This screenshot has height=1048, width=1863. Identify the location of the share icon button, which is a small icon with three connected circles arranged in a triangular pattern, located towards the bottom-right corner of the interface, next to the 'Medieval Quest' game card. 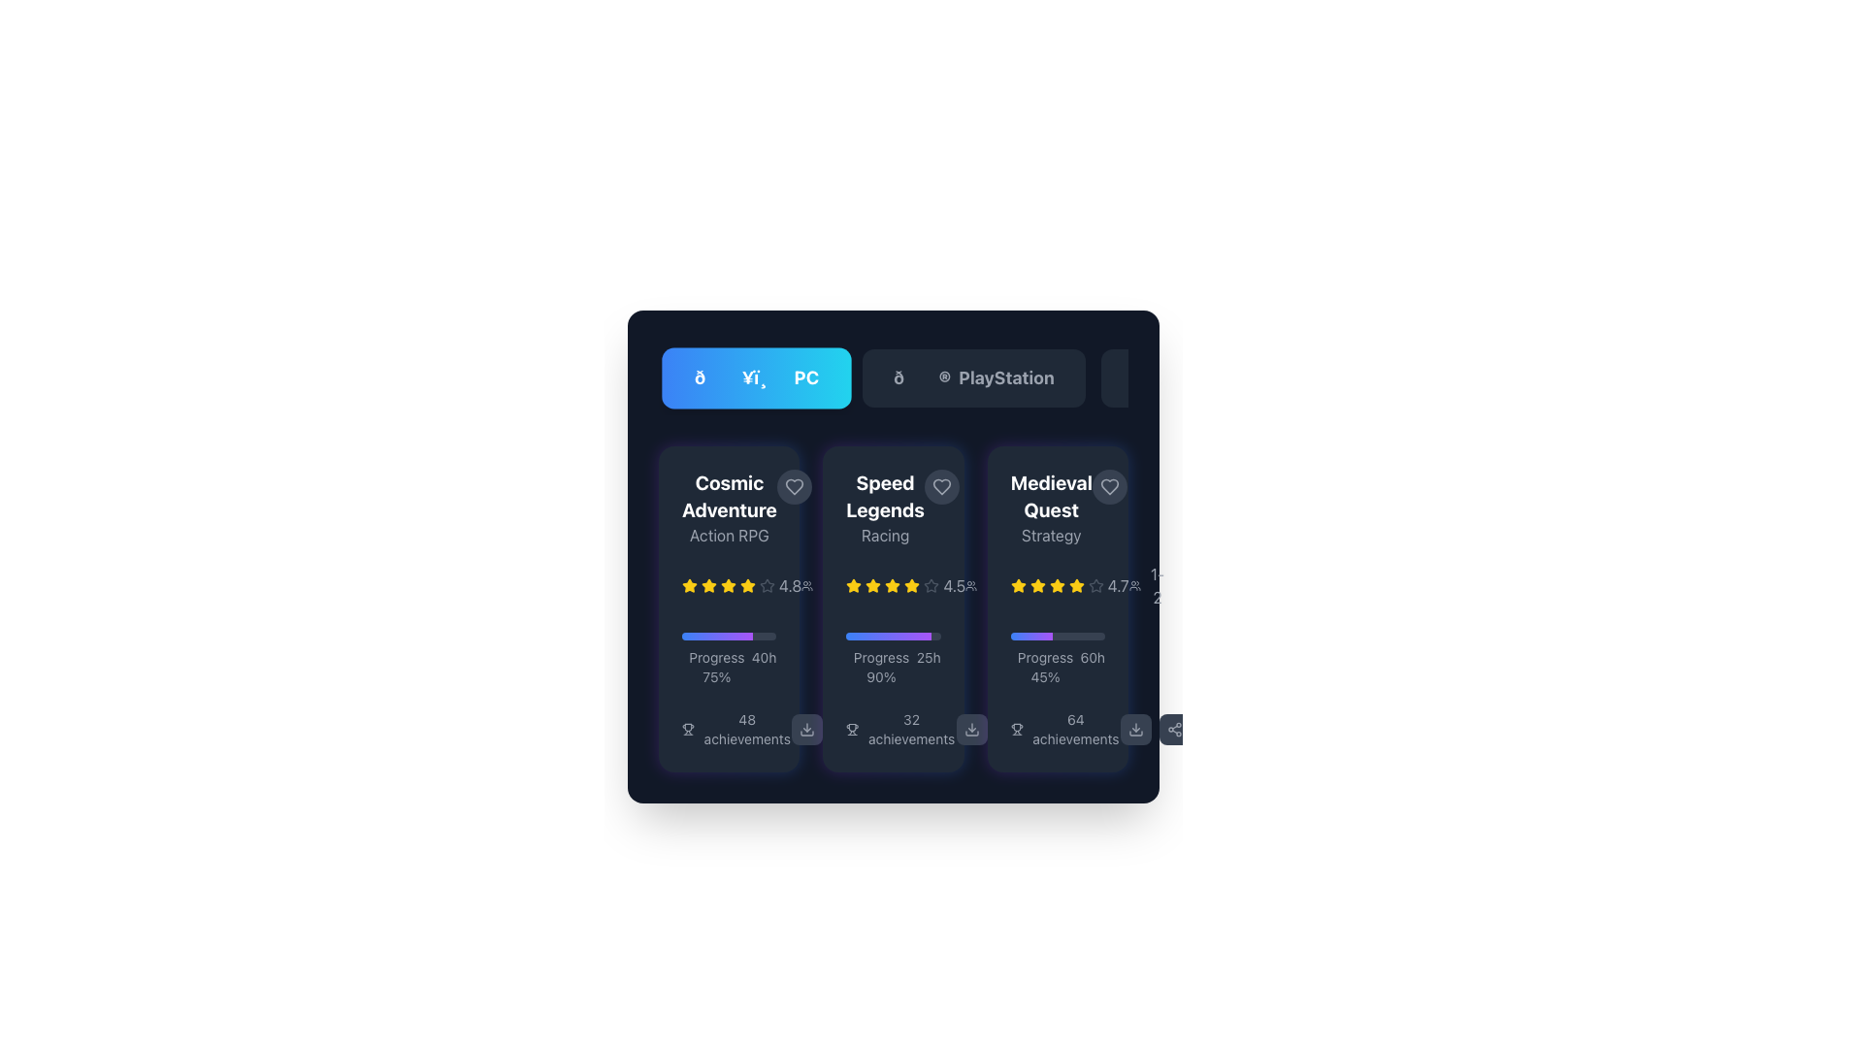
(1009, 730).